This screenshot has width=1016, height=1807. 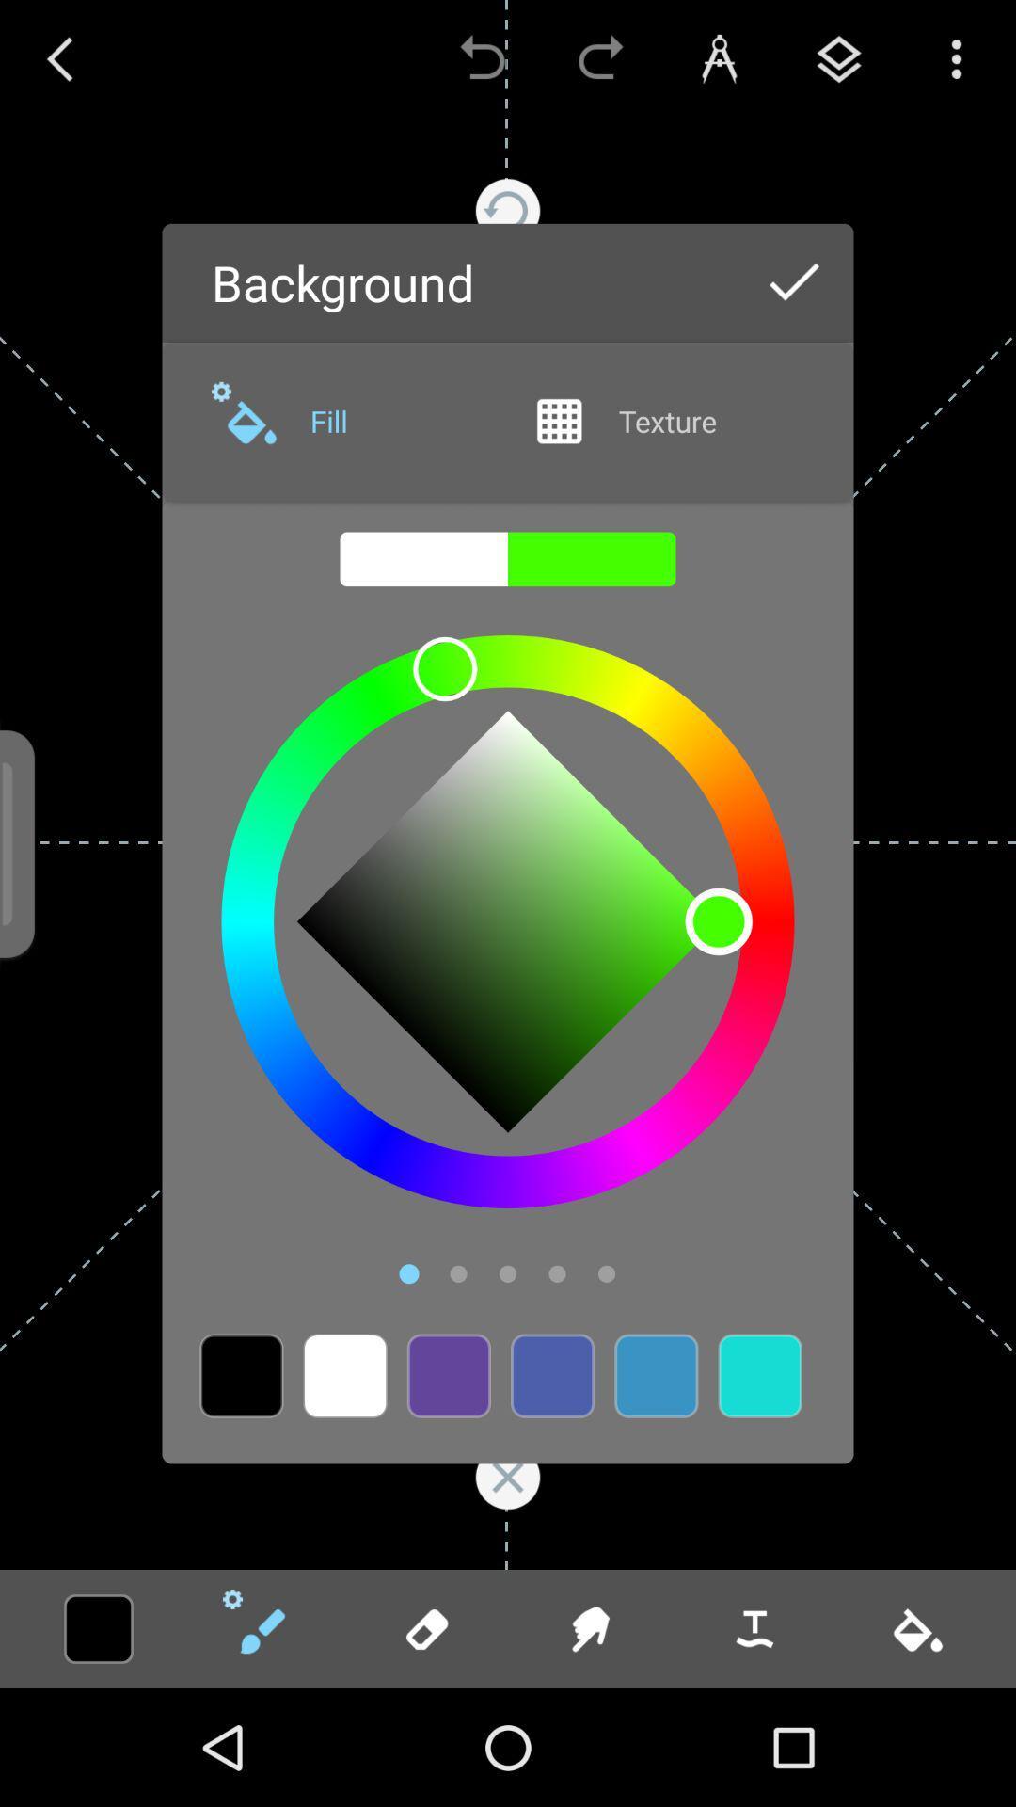 I want to click on the more icon, so click(x=957, y=58).